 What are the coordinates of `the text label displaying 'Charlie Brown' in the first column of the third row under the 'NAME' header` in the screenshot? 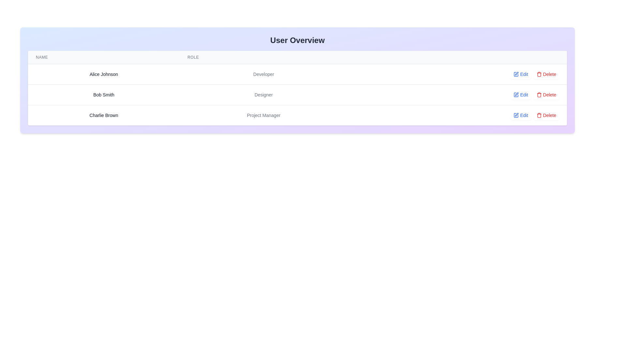 It's located at (103, 115).